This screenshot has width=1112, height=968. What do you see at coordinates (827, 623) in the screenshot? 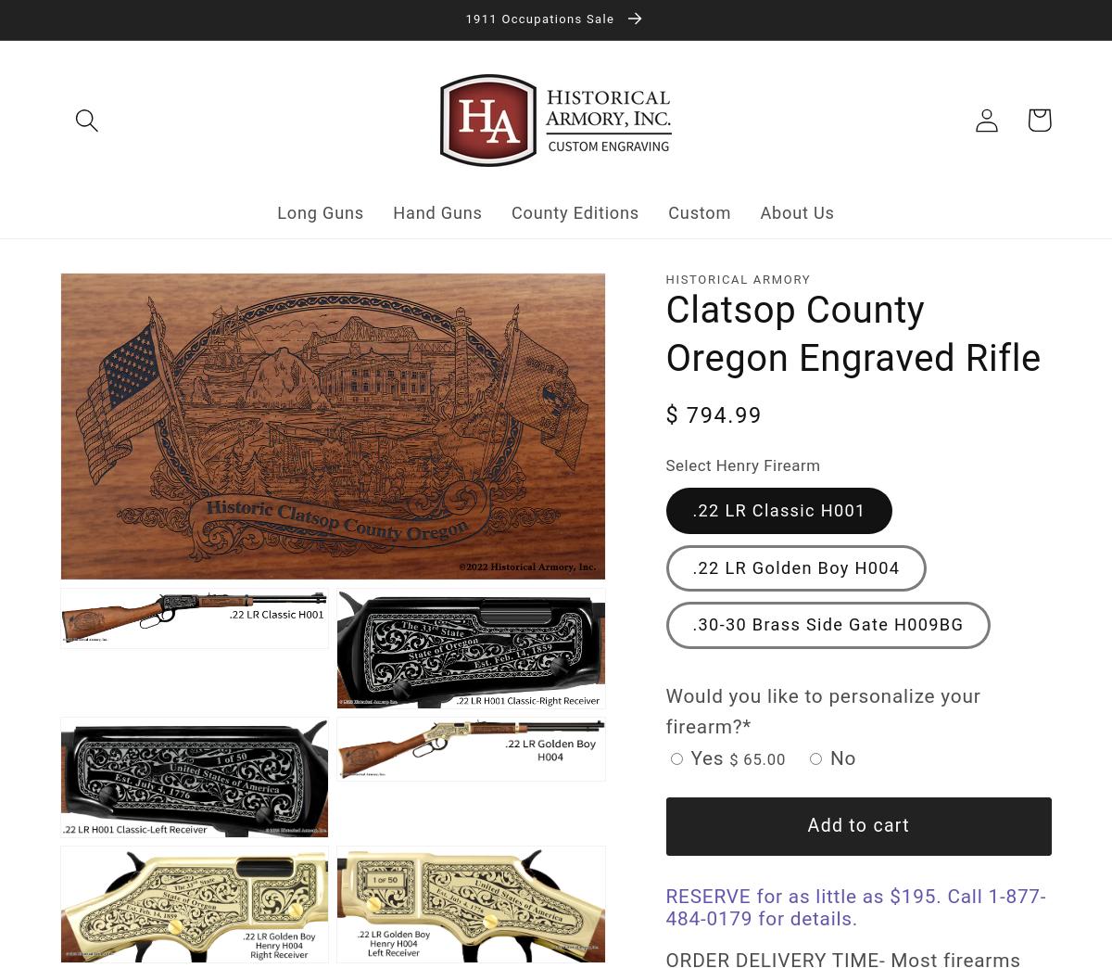
I see `'.30-30 Brass Side Gate H009BG'` at bounding box center [827, 623].